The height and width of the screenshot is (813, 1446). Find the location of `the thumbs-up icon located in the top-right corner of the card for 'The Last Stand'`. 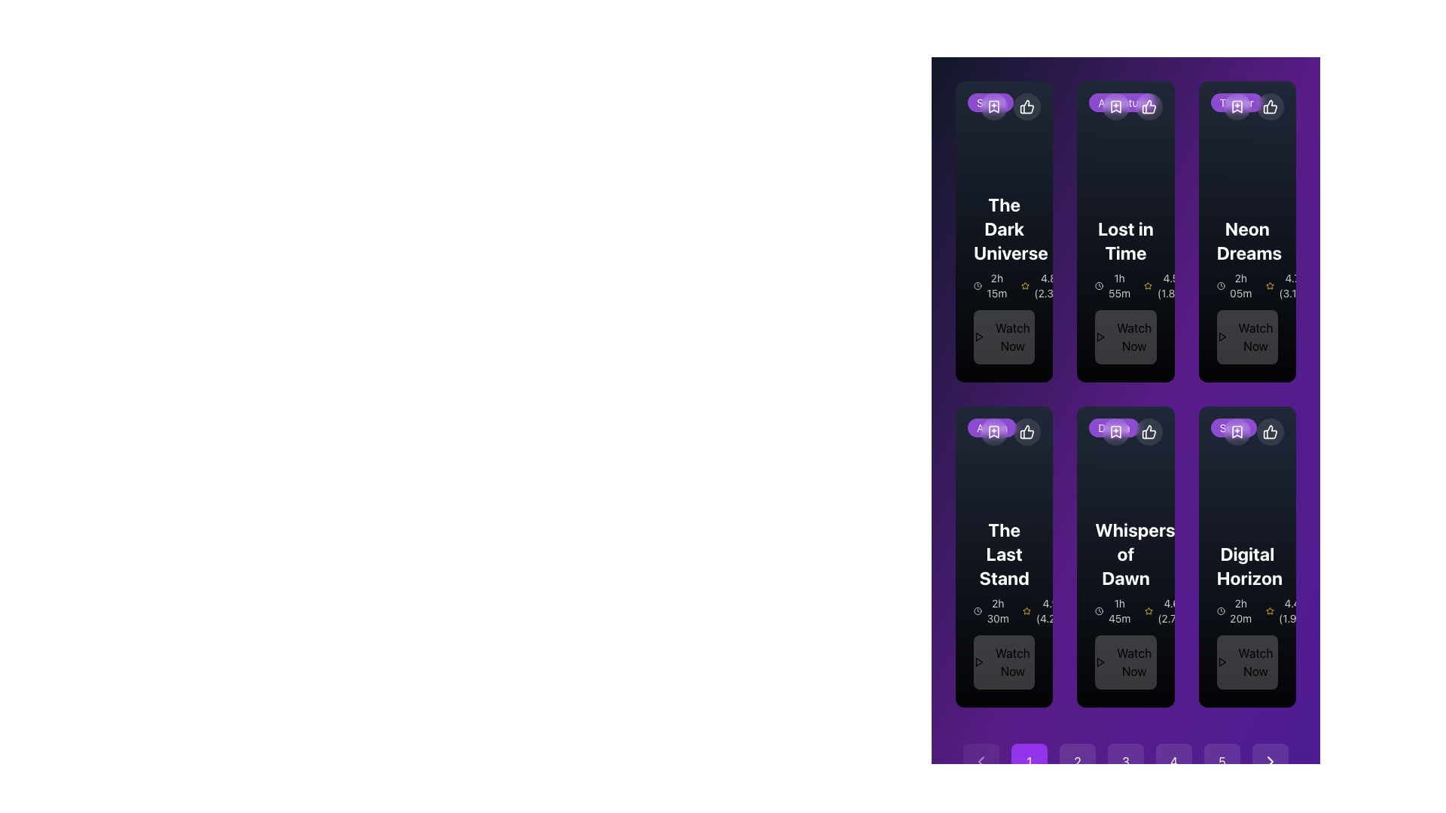

the thumbs-up icon located in the top-right corner of the card for 'The Last Stand' is located at coordinates (1027, 432).